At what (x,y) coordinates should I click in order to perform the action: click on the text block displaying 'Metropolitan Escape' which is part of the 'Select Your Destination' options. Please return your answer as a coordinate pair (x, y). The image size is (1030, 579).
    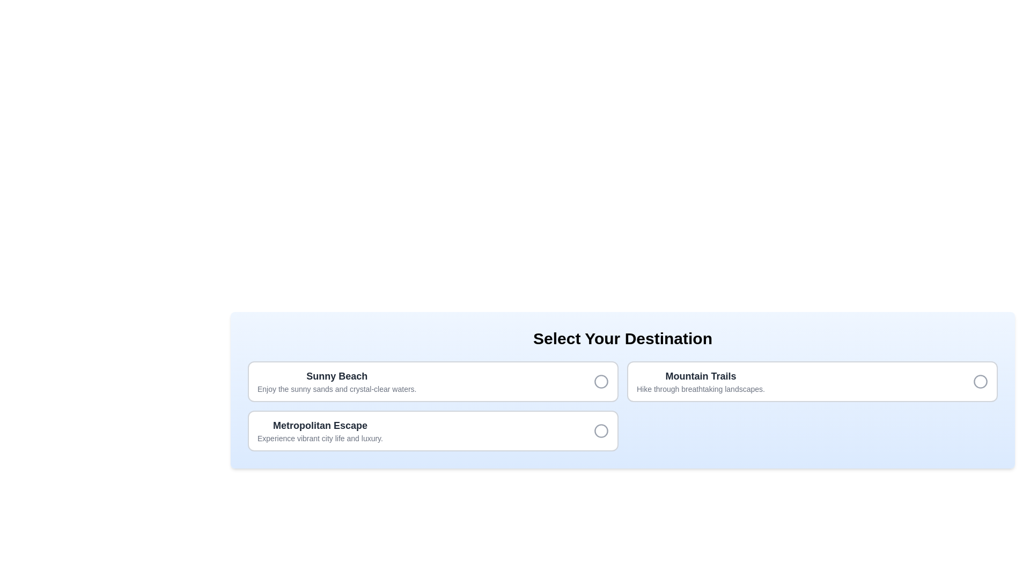
    Looking at the image, I should click on (319, 430).